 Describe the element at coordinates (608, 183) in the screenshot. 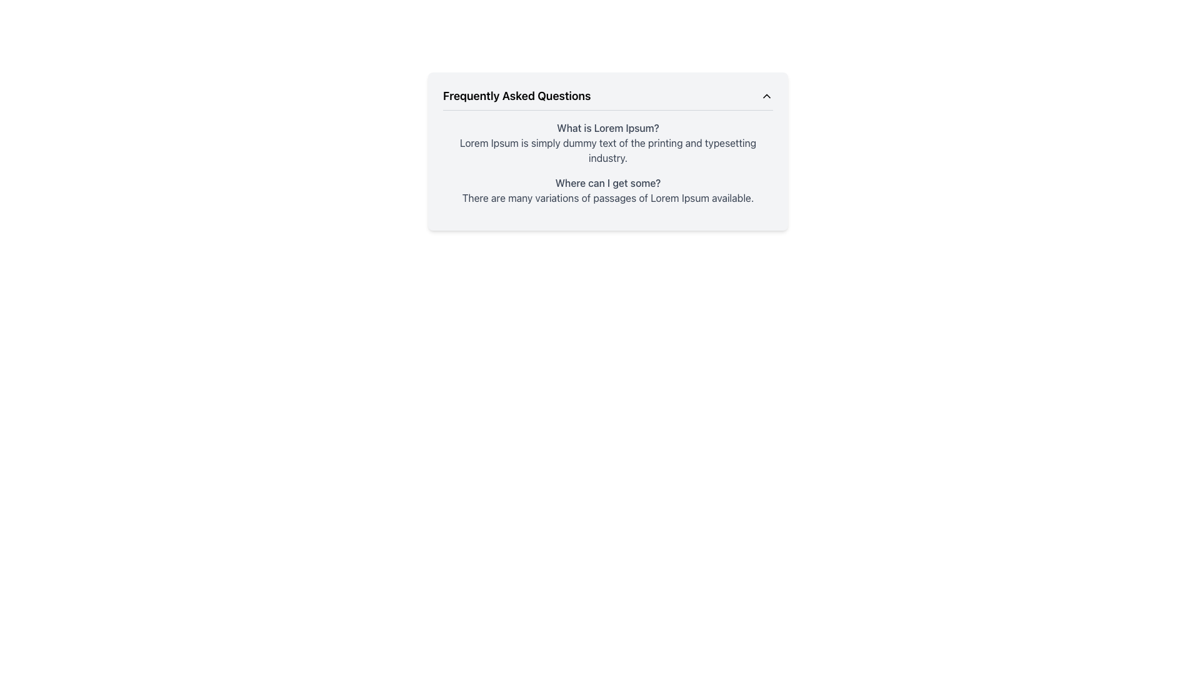

I see `the informational static text located beneath the FAQ header, which serves as a header or sub-header for the FAQ content` at that location.